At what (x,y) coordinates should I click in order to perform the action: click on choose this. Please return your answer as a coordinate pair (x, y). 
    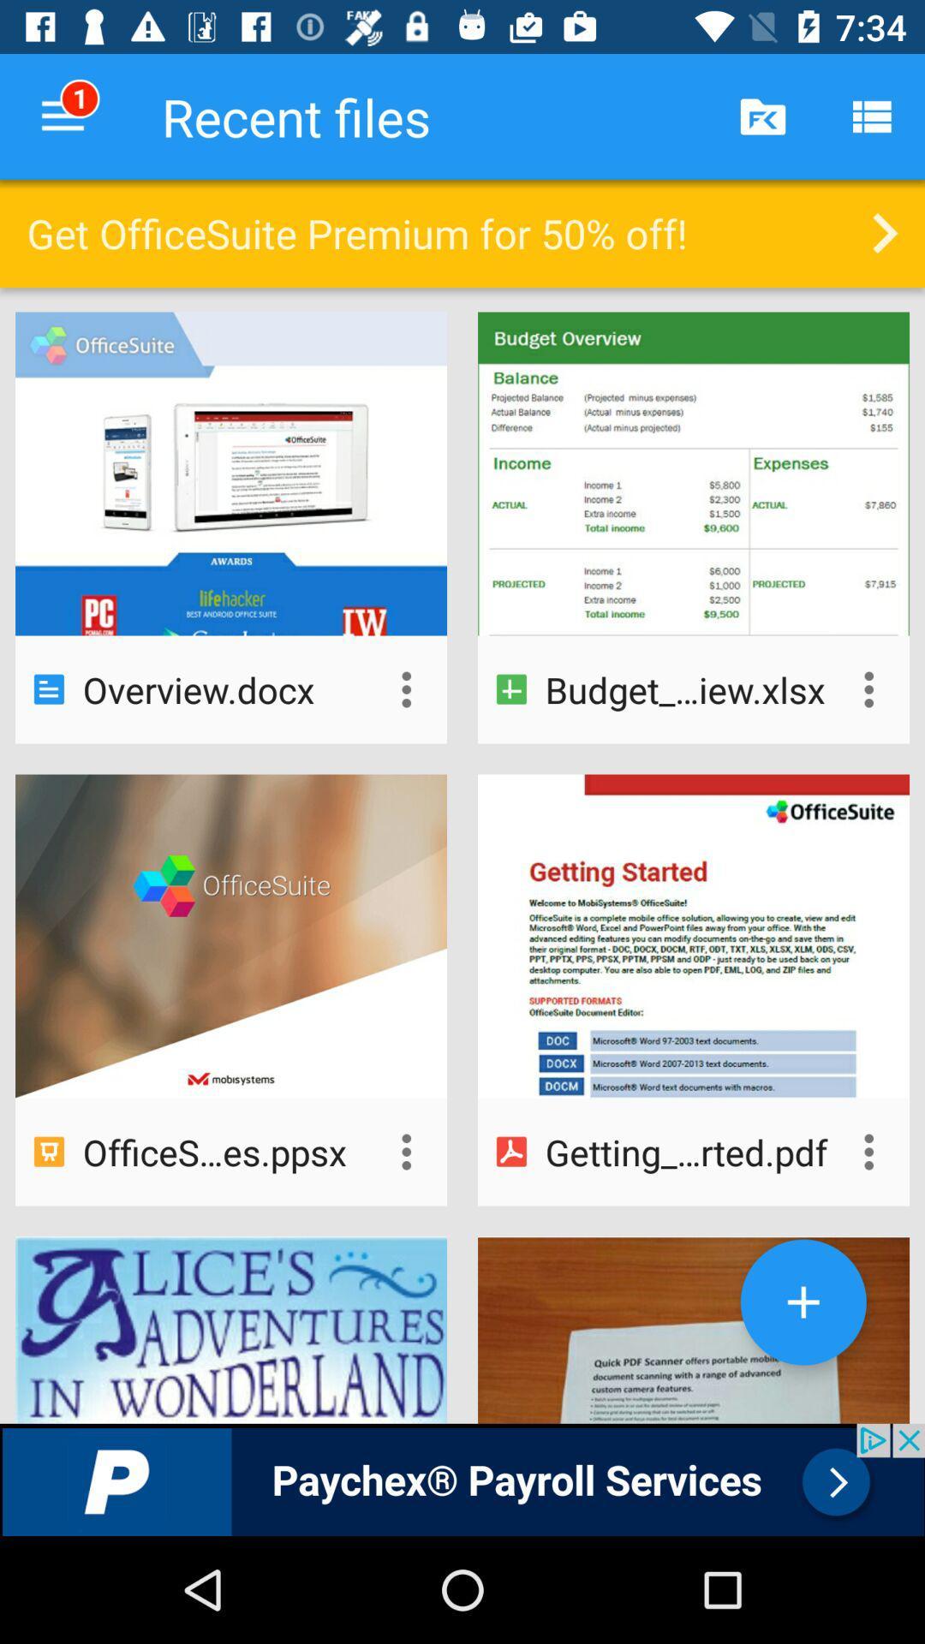
    Looking at the image, I should click on (406, 1152).